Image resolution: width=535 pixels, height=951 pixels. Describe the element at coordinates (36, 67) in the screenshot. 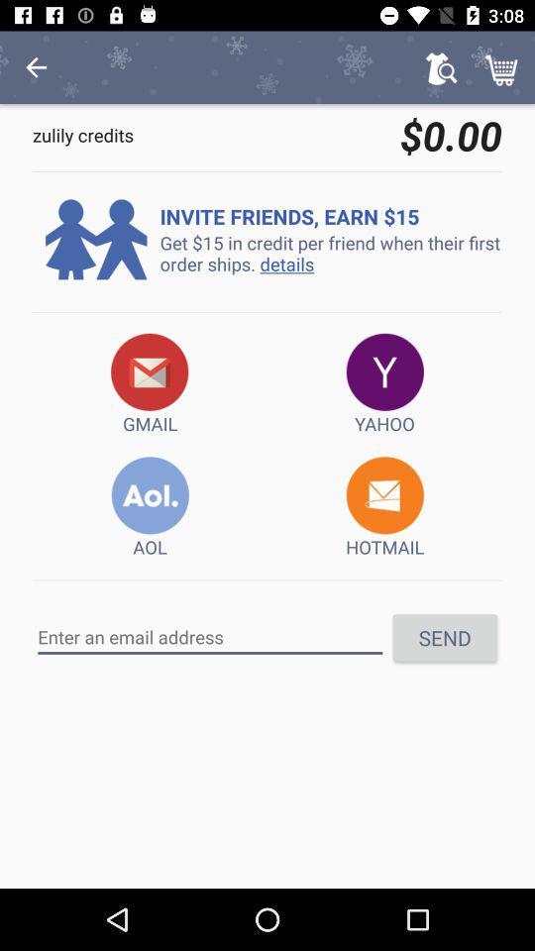

I see `icon above the zulily credits icon` at that location.